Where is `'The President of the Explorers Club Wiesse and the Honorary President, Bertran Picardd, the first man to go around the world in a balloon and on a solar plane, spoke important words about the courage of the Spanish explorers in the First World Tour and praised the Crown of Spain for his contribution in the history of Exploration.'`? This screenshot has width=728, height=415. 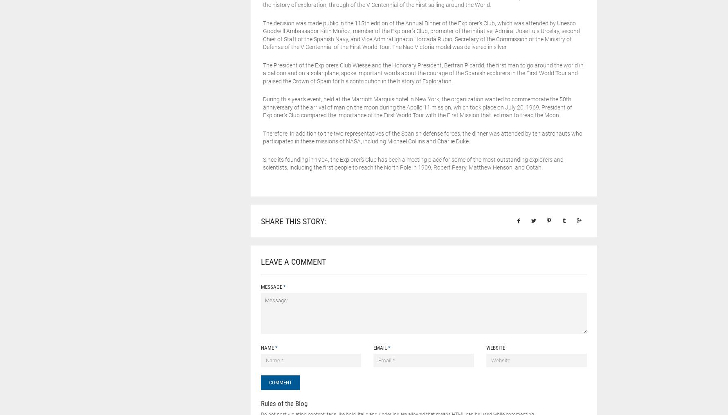 'The President of the Explorers Club Wiesse and the Honorary President, Bertran Picardd, the first man to go around the world in a balloon and on a solar plane, spoke important words about the courage of the Spanish explorers in the First World Tour and praised the Crown of Spain for his contribution in the history of Exploration.' is located at coordinates (422, 72).